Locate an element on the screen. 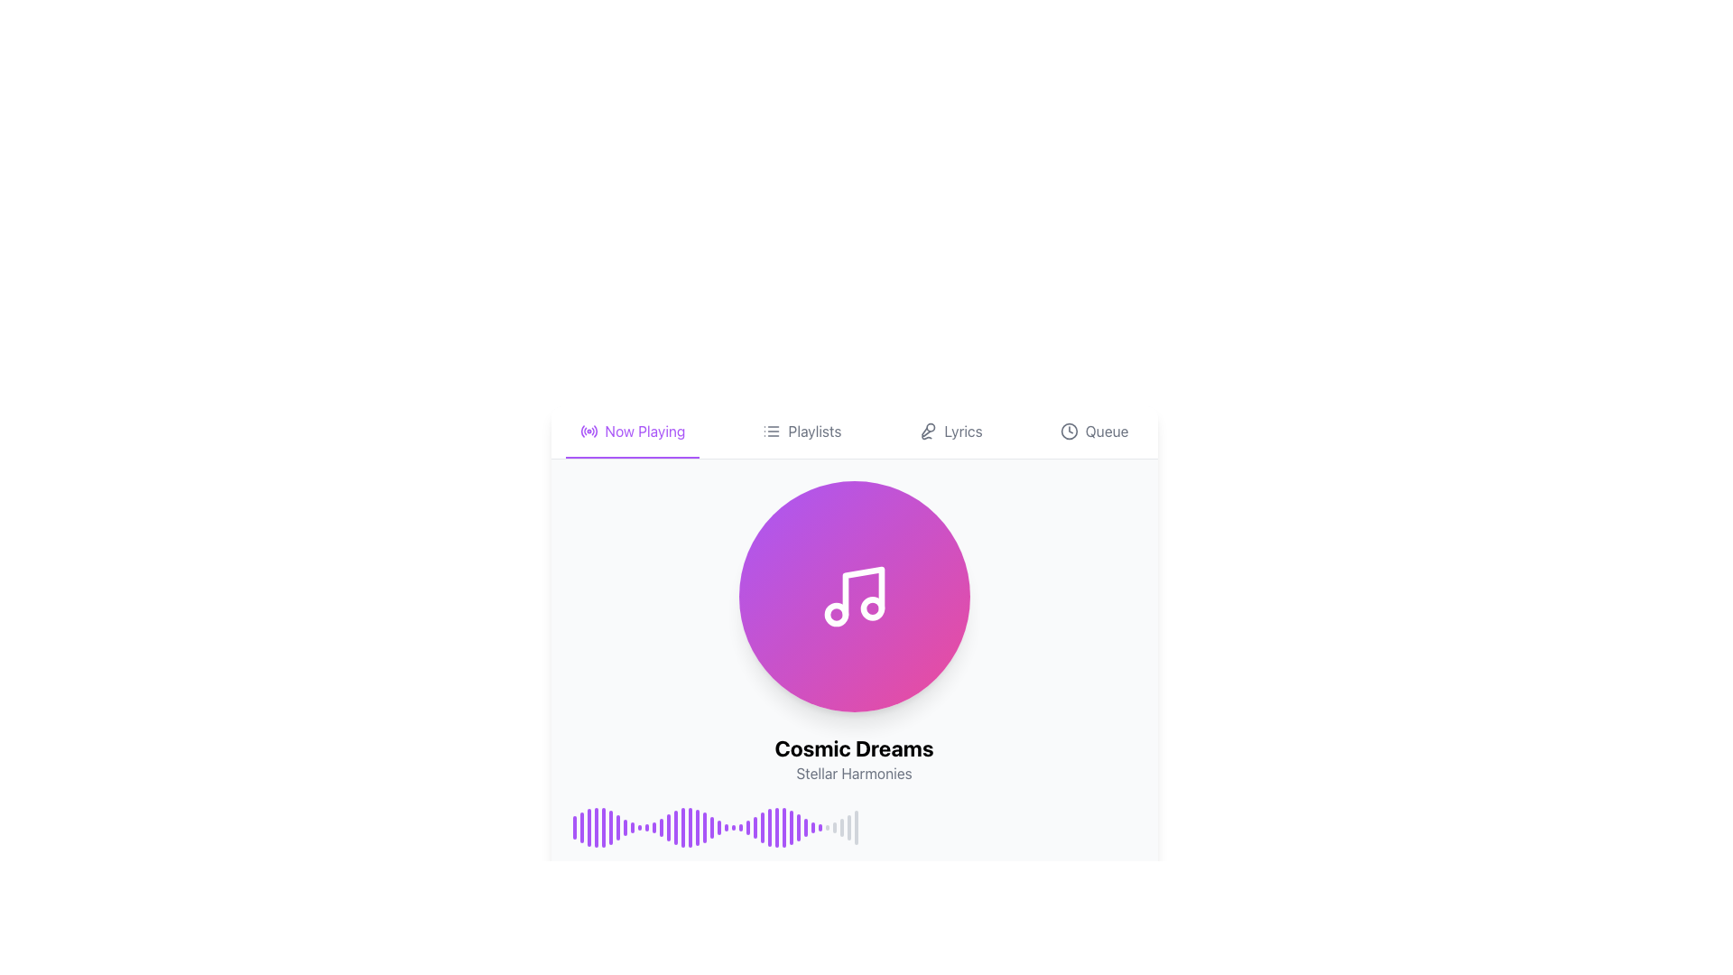  the clock icon in the top right section of the interface, which symbolizes the 'Queue' feature and is located immediately to the left of the text 'Queue' is located at coordinates (1069, 432).